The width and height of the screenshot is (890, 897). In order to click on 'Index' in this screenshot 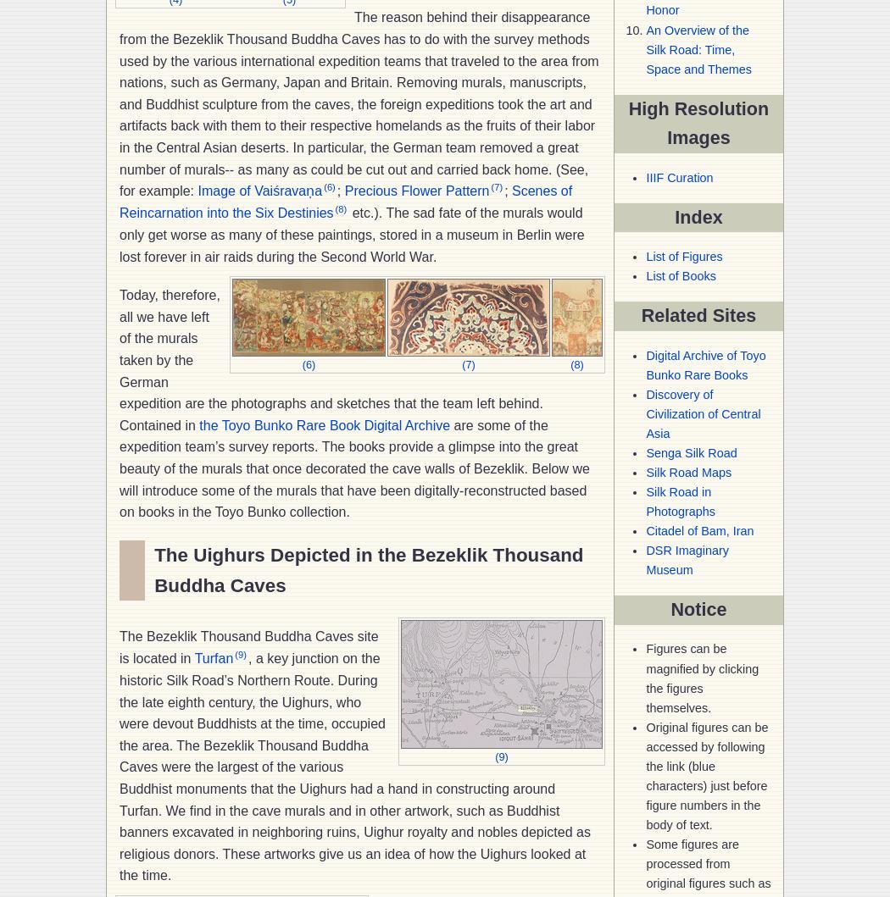, I will do `click(698, 216)`.